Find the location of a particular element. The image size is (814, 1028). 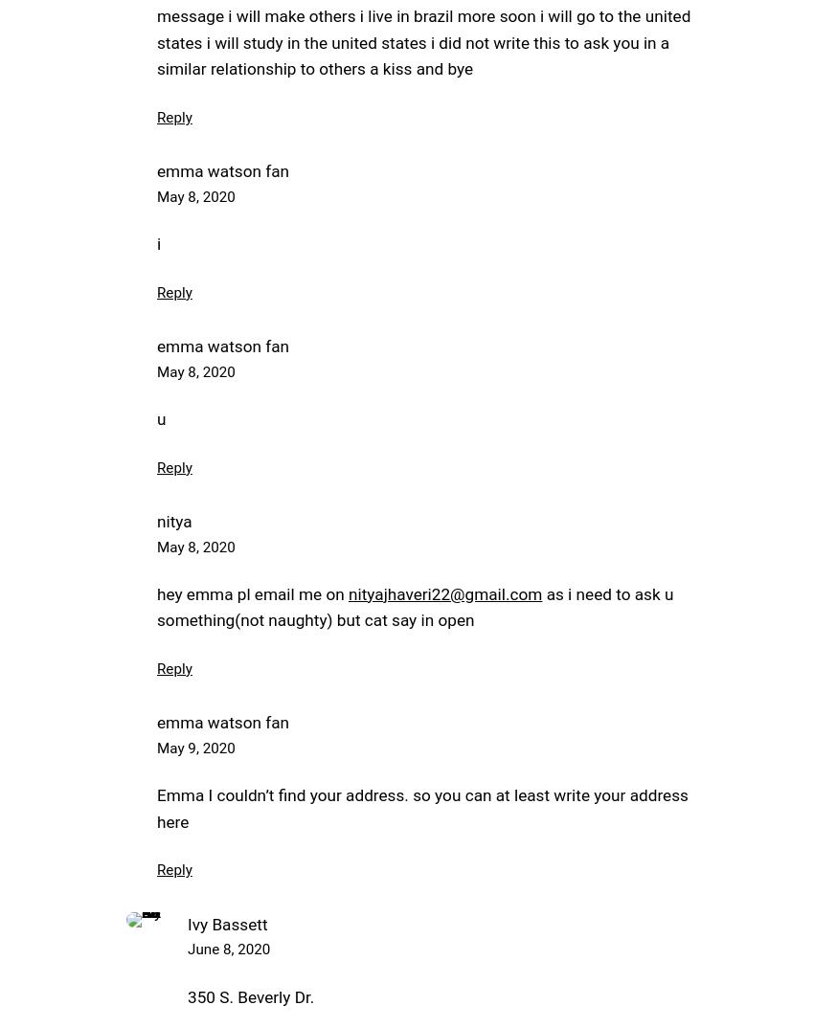

'350 S. Beverly Dr.' is located at coordinates (249, 996).